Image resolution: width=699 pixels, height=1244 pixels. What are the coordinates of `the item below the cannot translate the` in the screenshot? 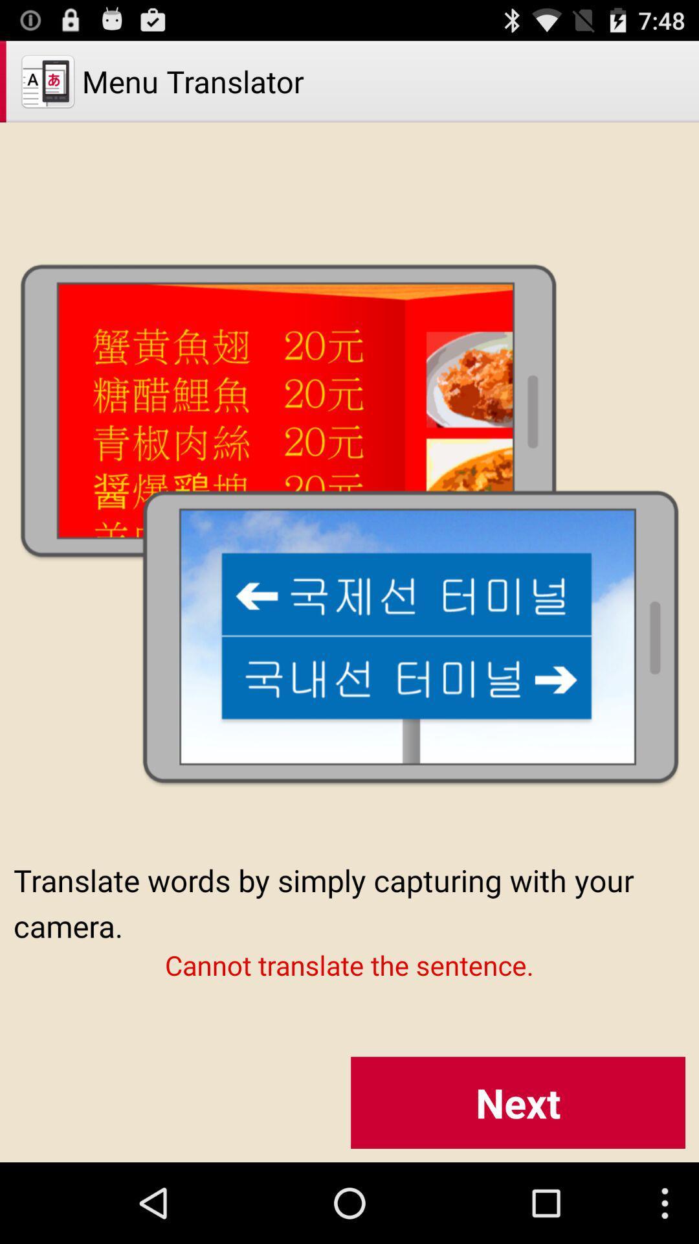 It's located at (517, 1102).